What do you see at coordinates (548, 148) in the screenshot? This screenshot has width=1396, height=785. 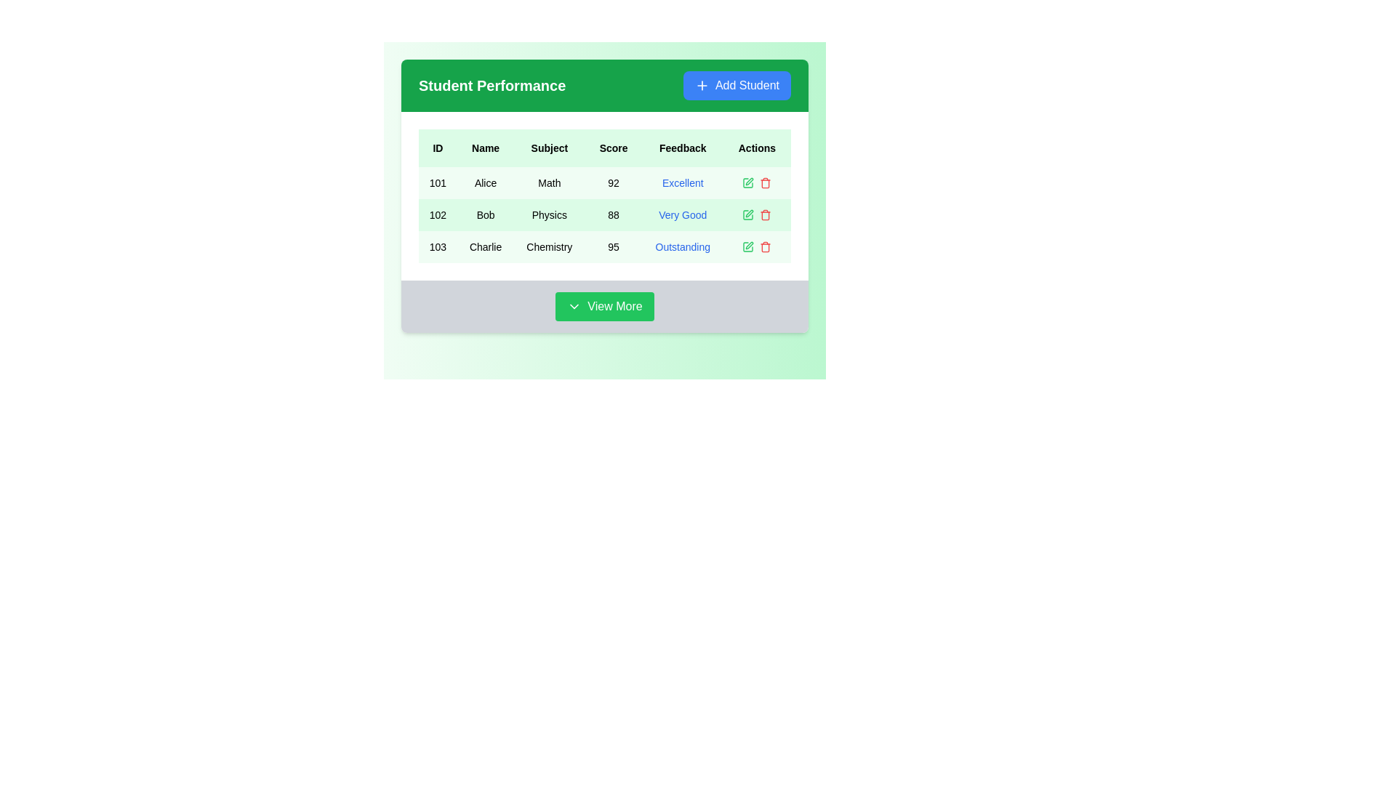 I see `the static text label displaying 'Subject' in bold, black font, which is the third header in the table, located between 'Name' and 'Score'` at bounding box center [548, 148].